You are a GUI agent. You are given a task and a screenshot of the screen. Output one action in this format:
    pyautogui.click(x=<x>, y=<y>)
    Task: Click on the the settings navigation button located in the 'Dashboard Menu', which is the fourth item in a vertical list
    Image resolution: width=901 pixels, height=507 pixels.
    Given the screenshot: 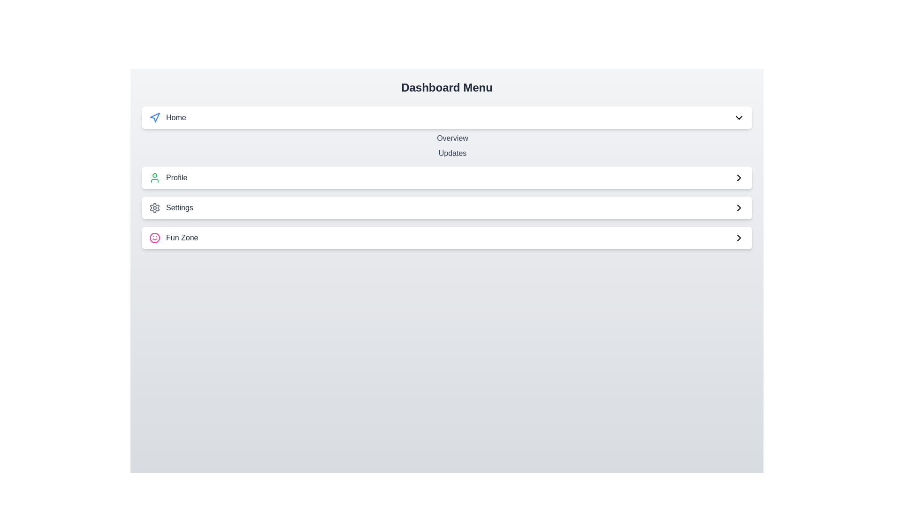 What is the action you would take?
    pyautogui.click(x=446, y=207)
    